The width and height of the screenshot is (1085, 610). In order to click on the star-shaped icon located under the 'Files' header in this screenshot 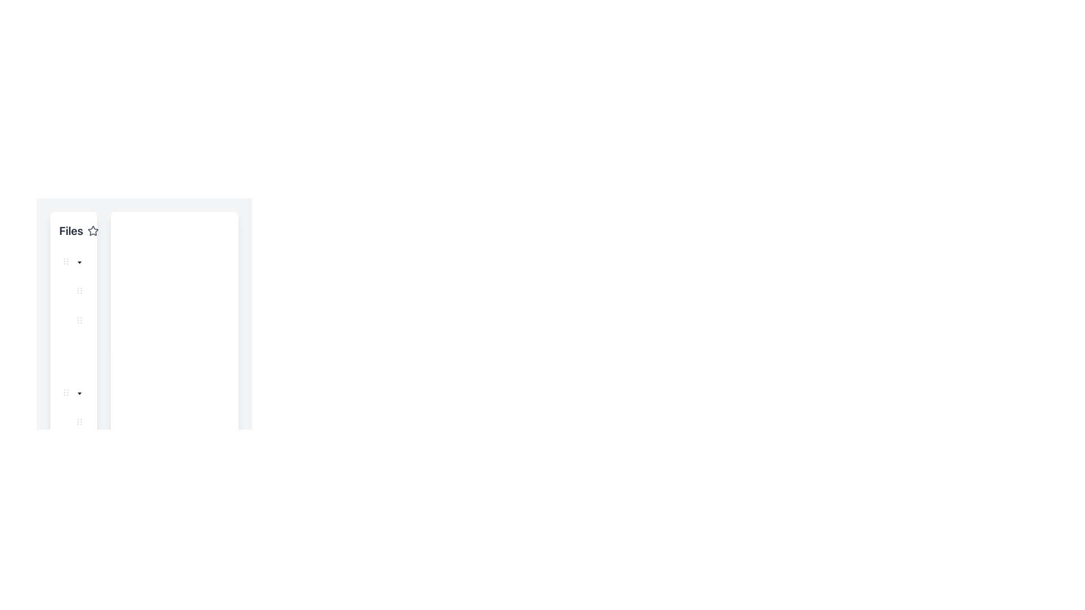, I will do `click(93, 230)`.